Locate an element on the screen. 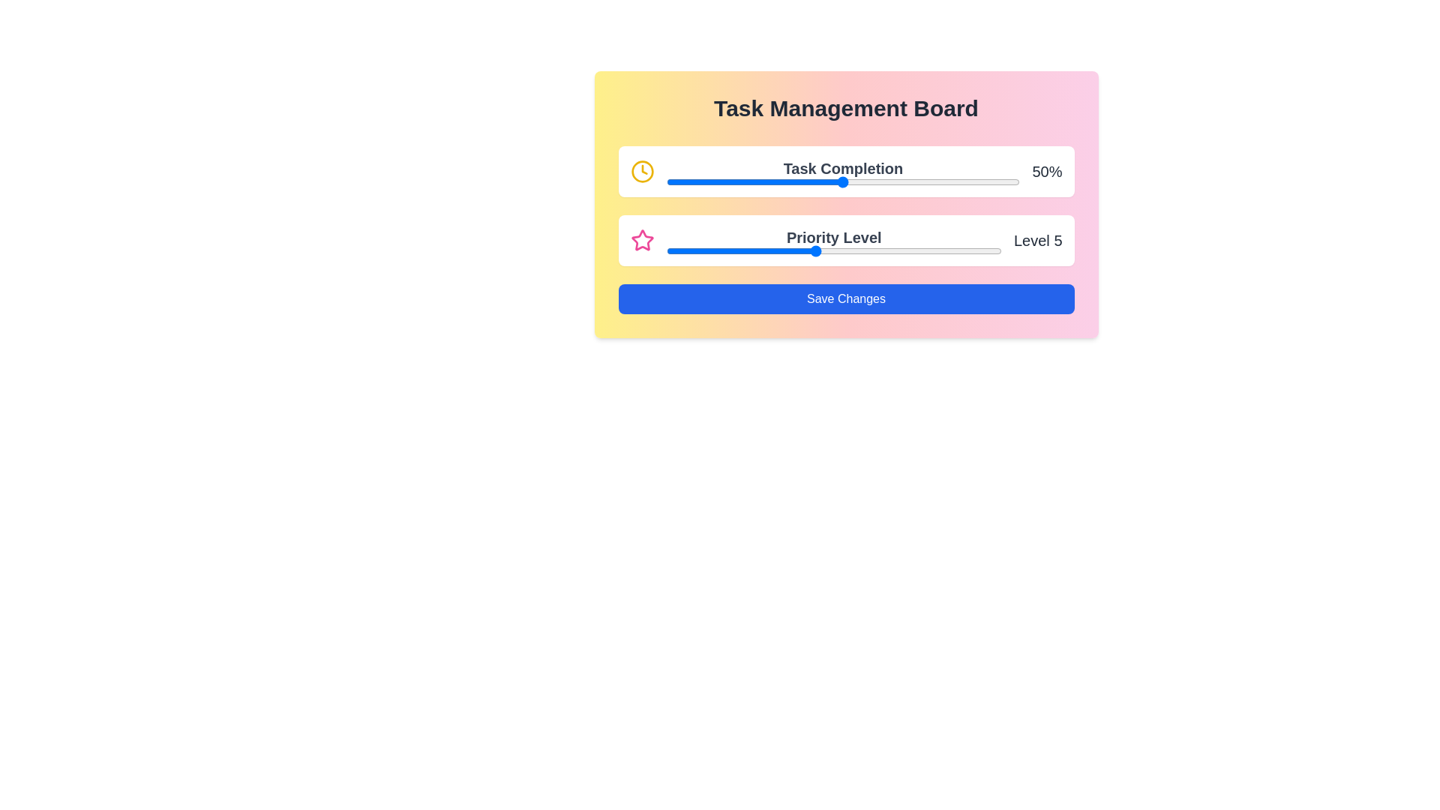 This screenshot has width=1440, height=810. priority level is located at coordinates (814, 250).